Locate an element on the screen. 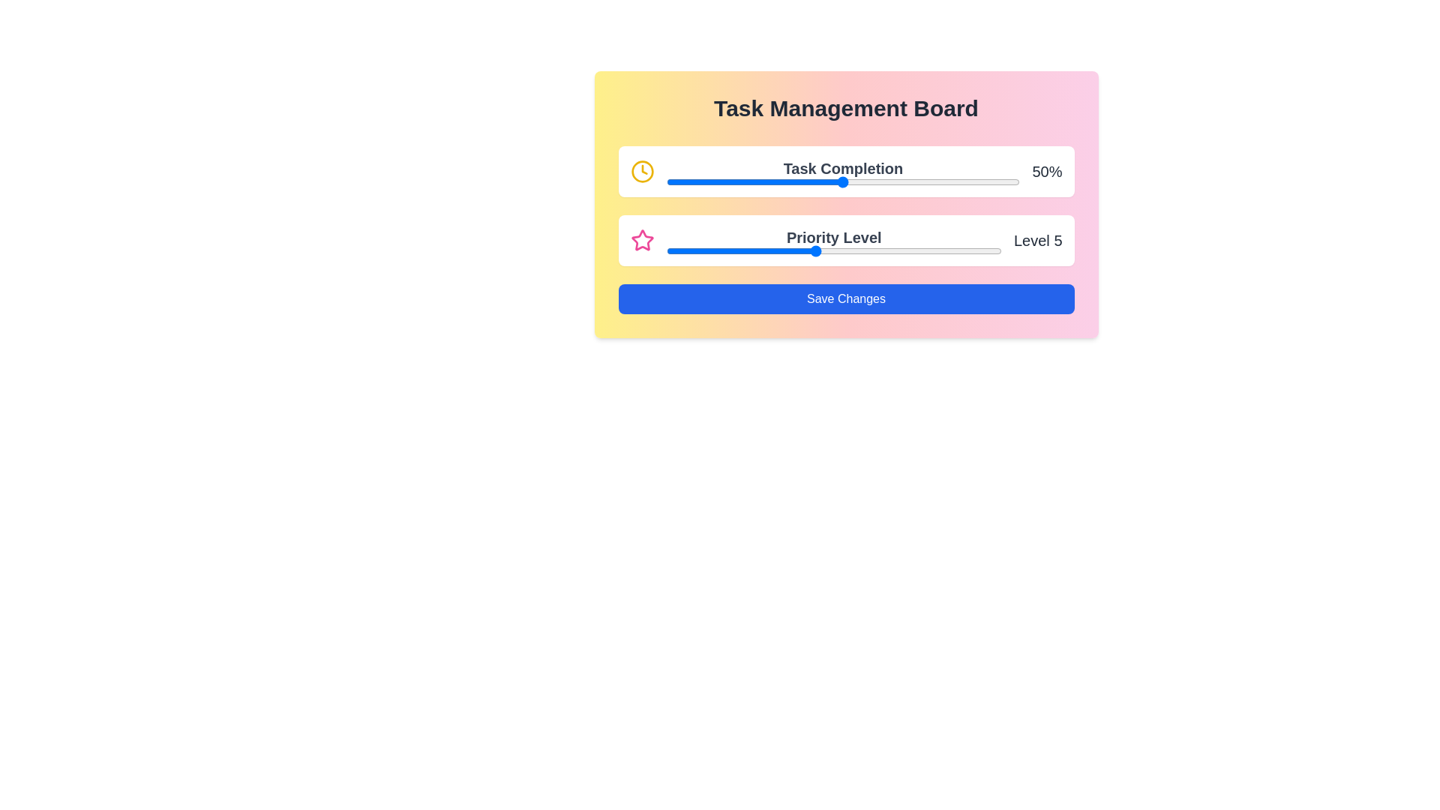 This screenshot has width=1440, height=810. priority level is located at coordinates (814, 250).